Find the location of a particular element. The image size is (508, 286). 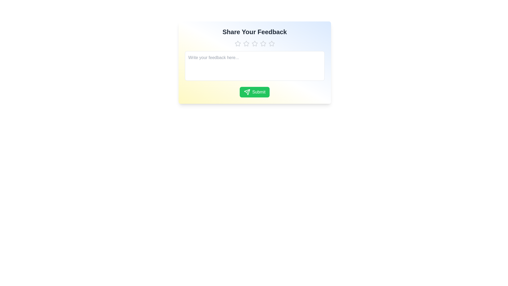

the submit button to submit the feedback is located at coordinates (255, 92).